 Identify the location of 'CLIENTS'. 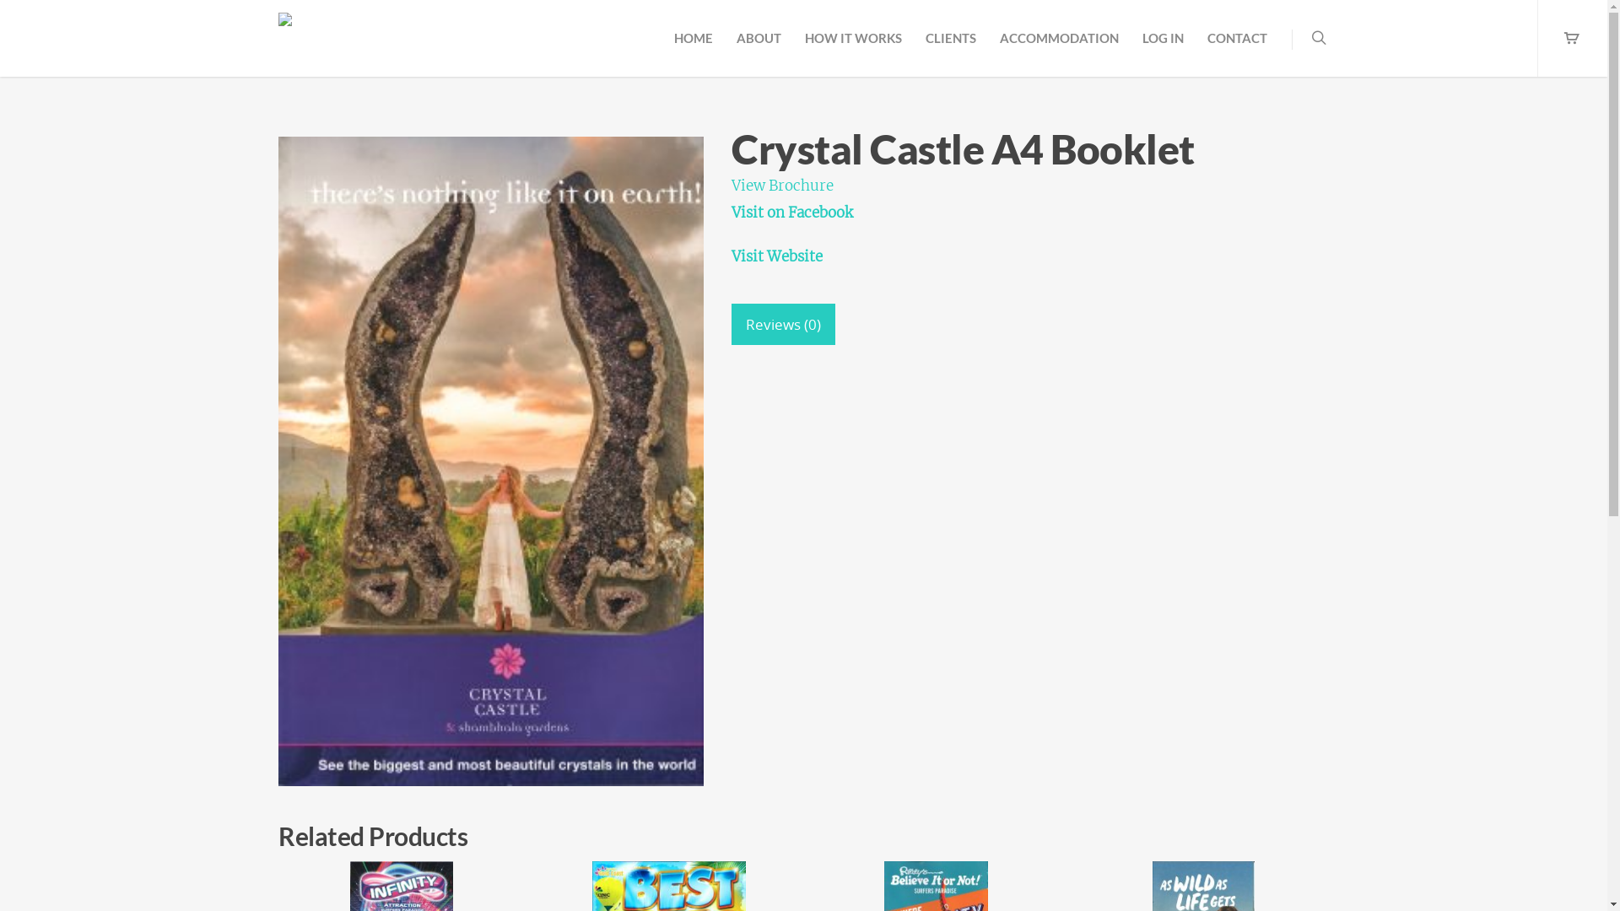
(951, 44).